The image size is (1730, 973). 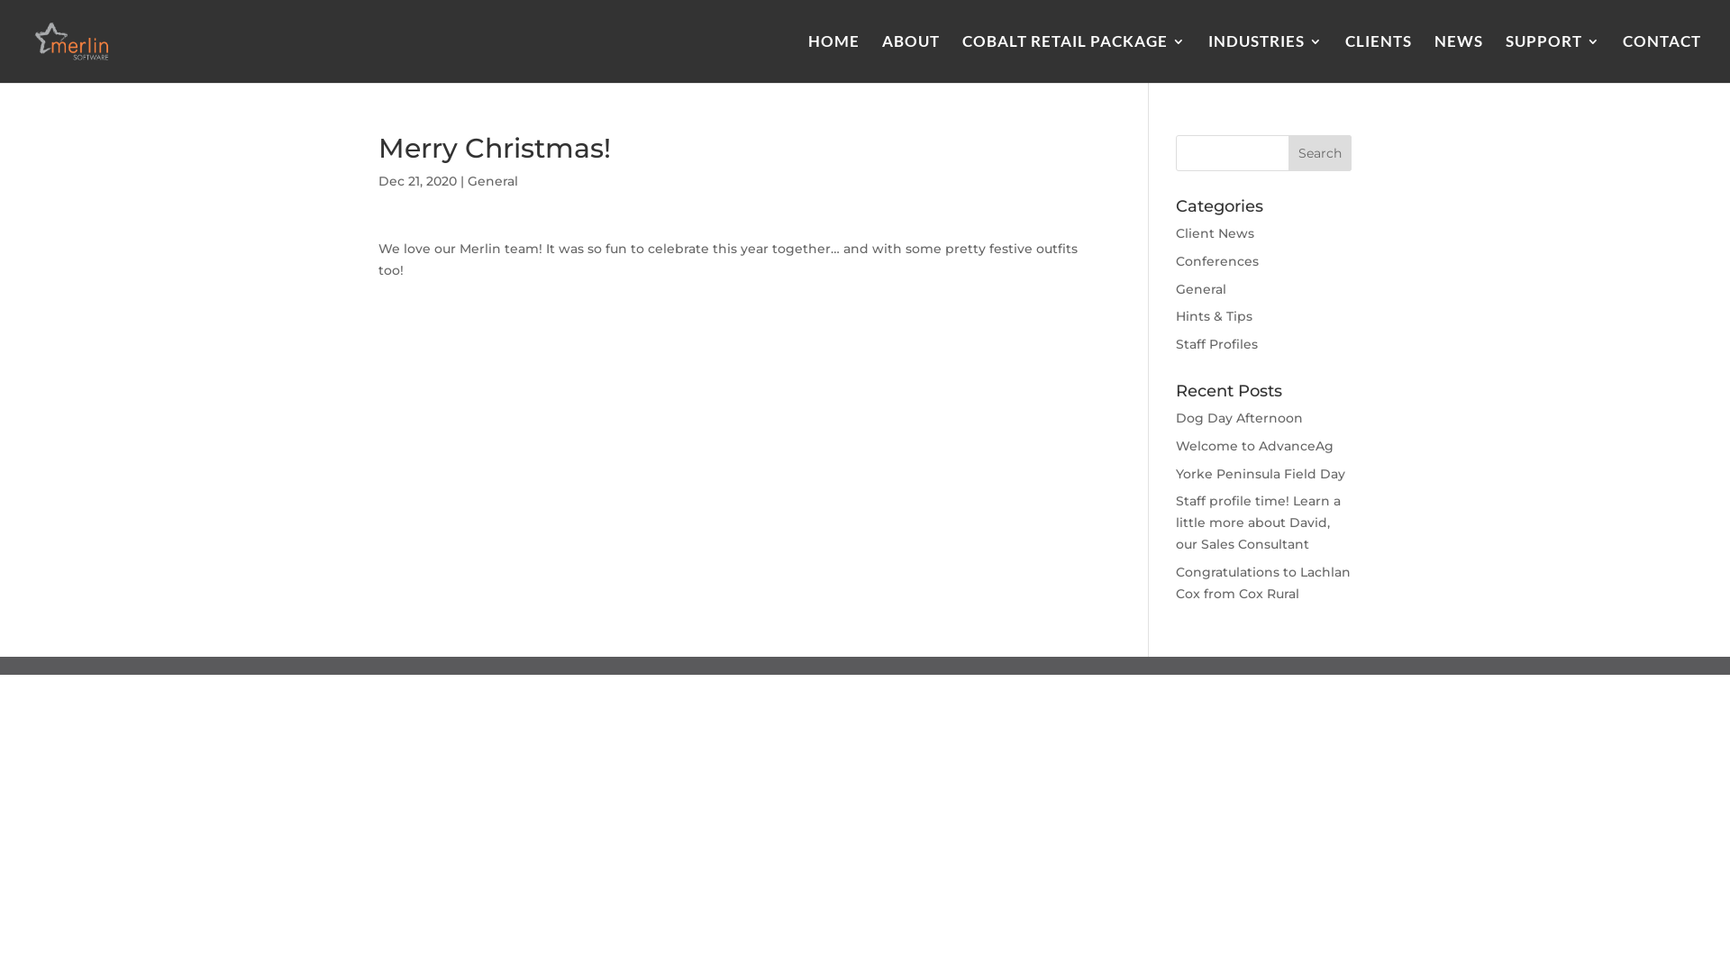 I want to click on 'Hints & Tips', so click(x=1214, y=315).